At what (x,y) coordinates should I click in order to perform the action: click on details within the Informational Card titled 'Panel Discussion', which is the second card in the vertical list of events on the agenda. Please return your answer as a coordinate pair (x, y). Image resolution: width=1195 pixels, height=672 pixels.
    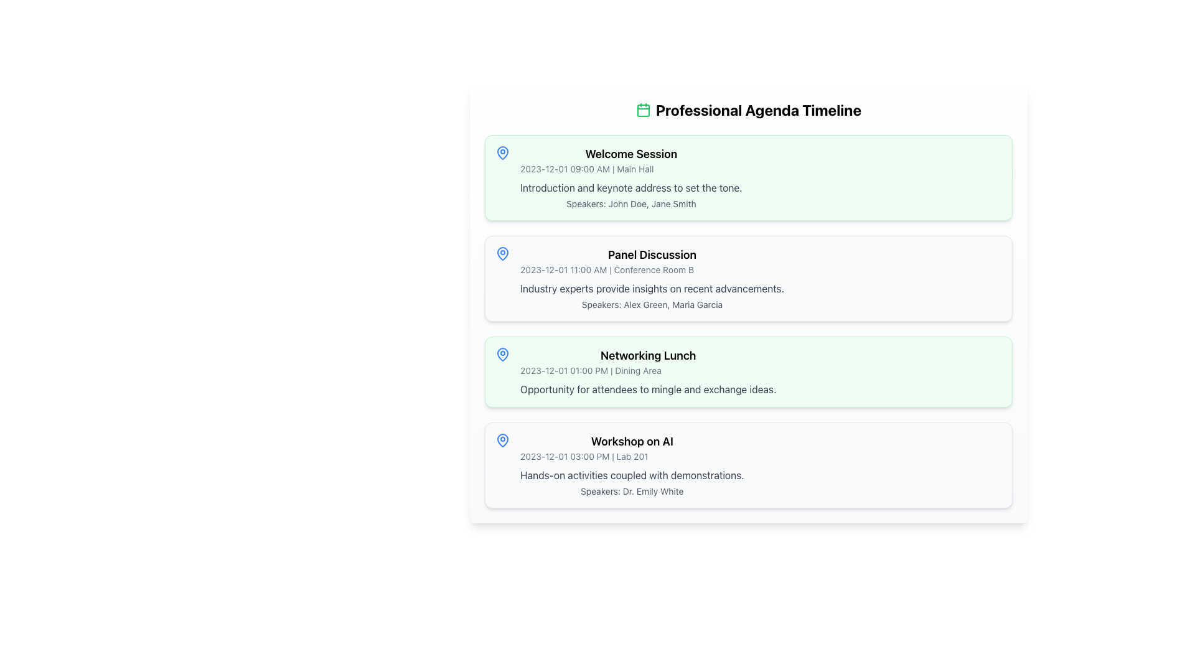
    Looking at the image, I should click on (748, 278).